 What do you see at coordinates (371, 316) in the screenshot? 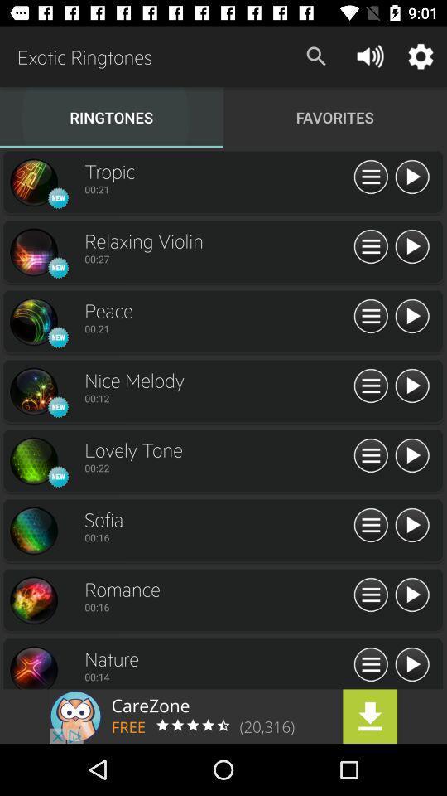
I see `more option` at bounding box center [371, 316].